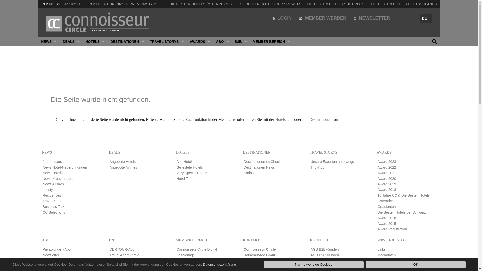 The image size is (482, 271). I want to click on 'Award Registration', so click(392, 229).